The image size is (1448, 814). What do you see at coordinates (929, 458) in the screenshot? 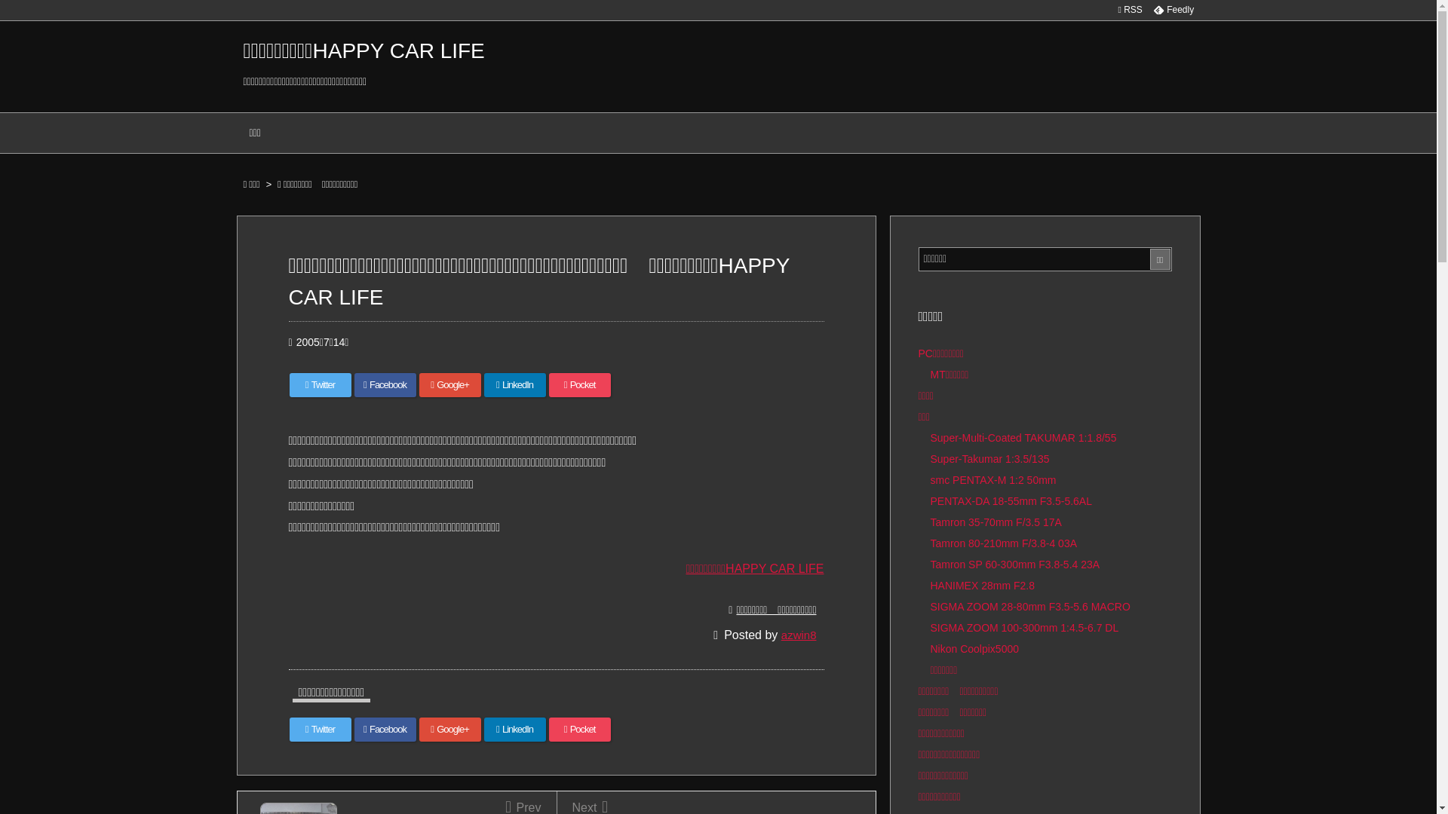
I see `'Super-Takumar 1:3.5/135'` at bounding box center [929, 458].